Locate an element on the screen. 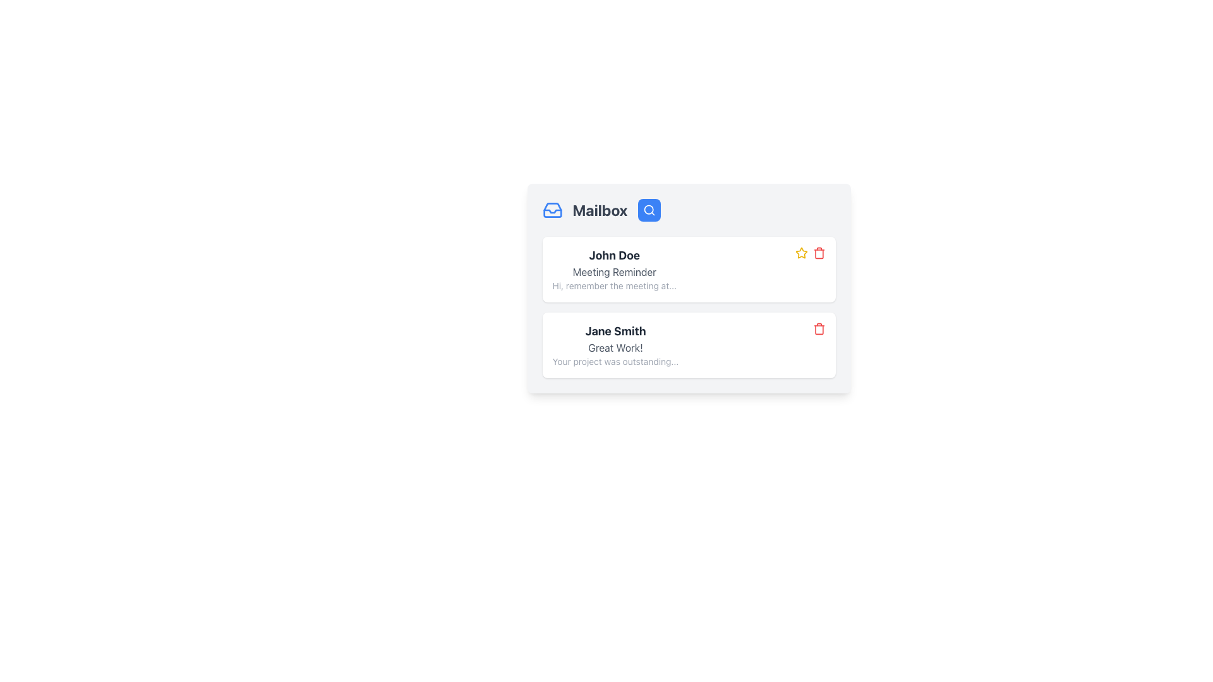 The image size is (1213, 682). the icon graphic resembling a mailbox located near the top-left corner of the UI, next to the 'Mailbox' label is located at coordinates (552, 211).